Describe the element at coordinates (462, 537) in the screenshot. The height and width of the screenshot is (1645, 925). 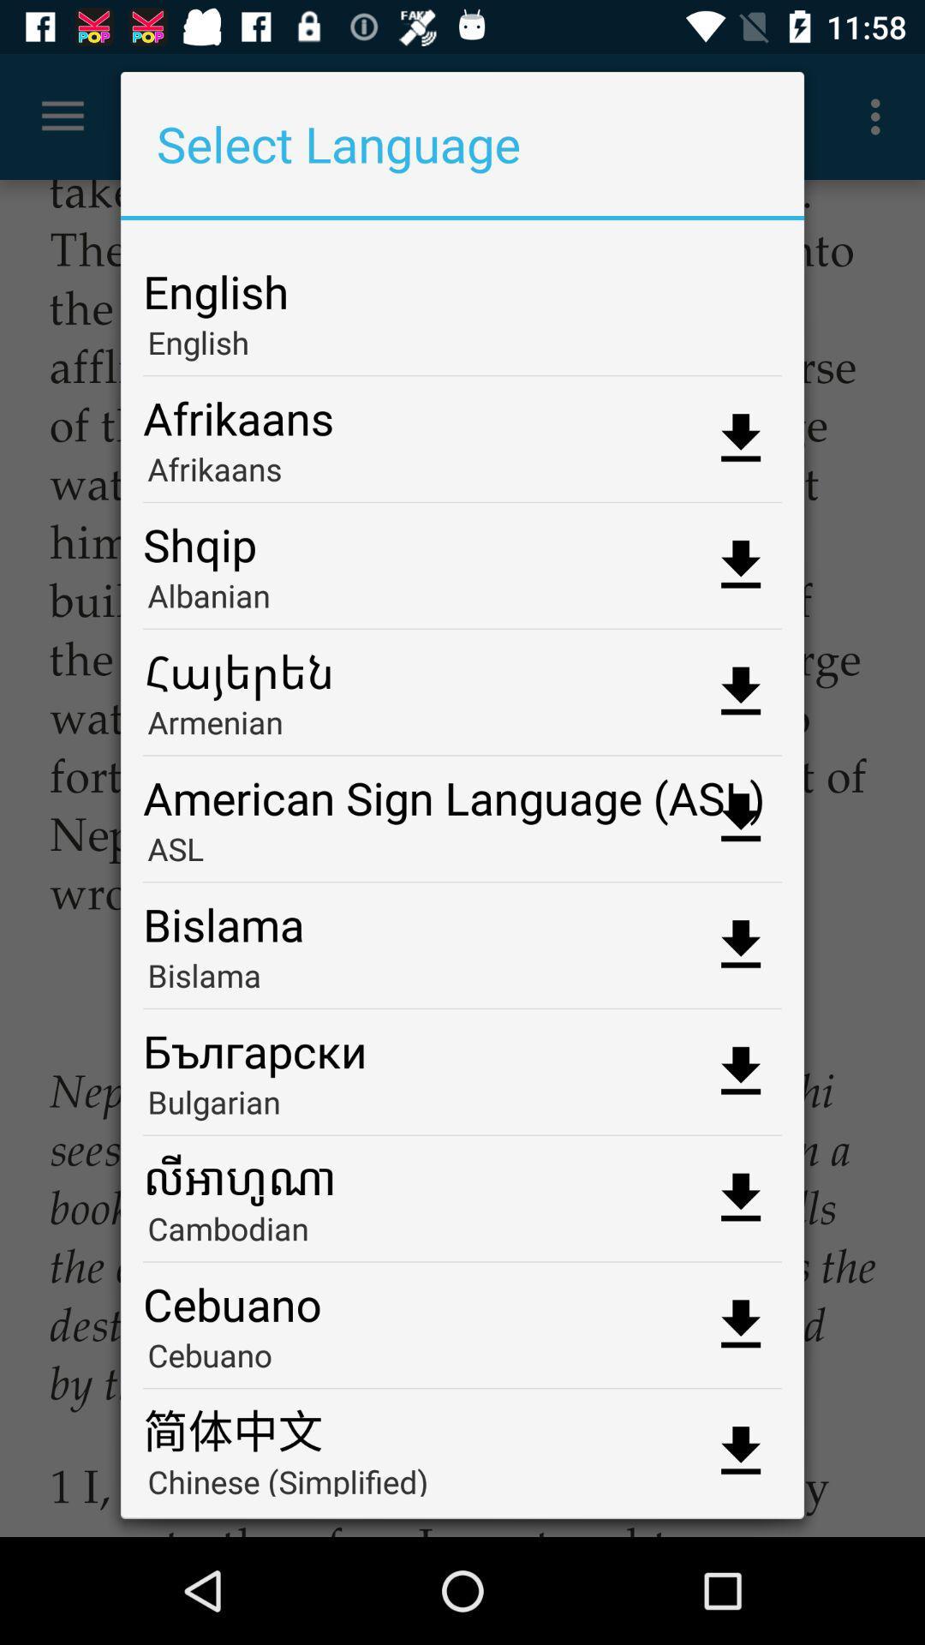
I see `shqip` at that location.